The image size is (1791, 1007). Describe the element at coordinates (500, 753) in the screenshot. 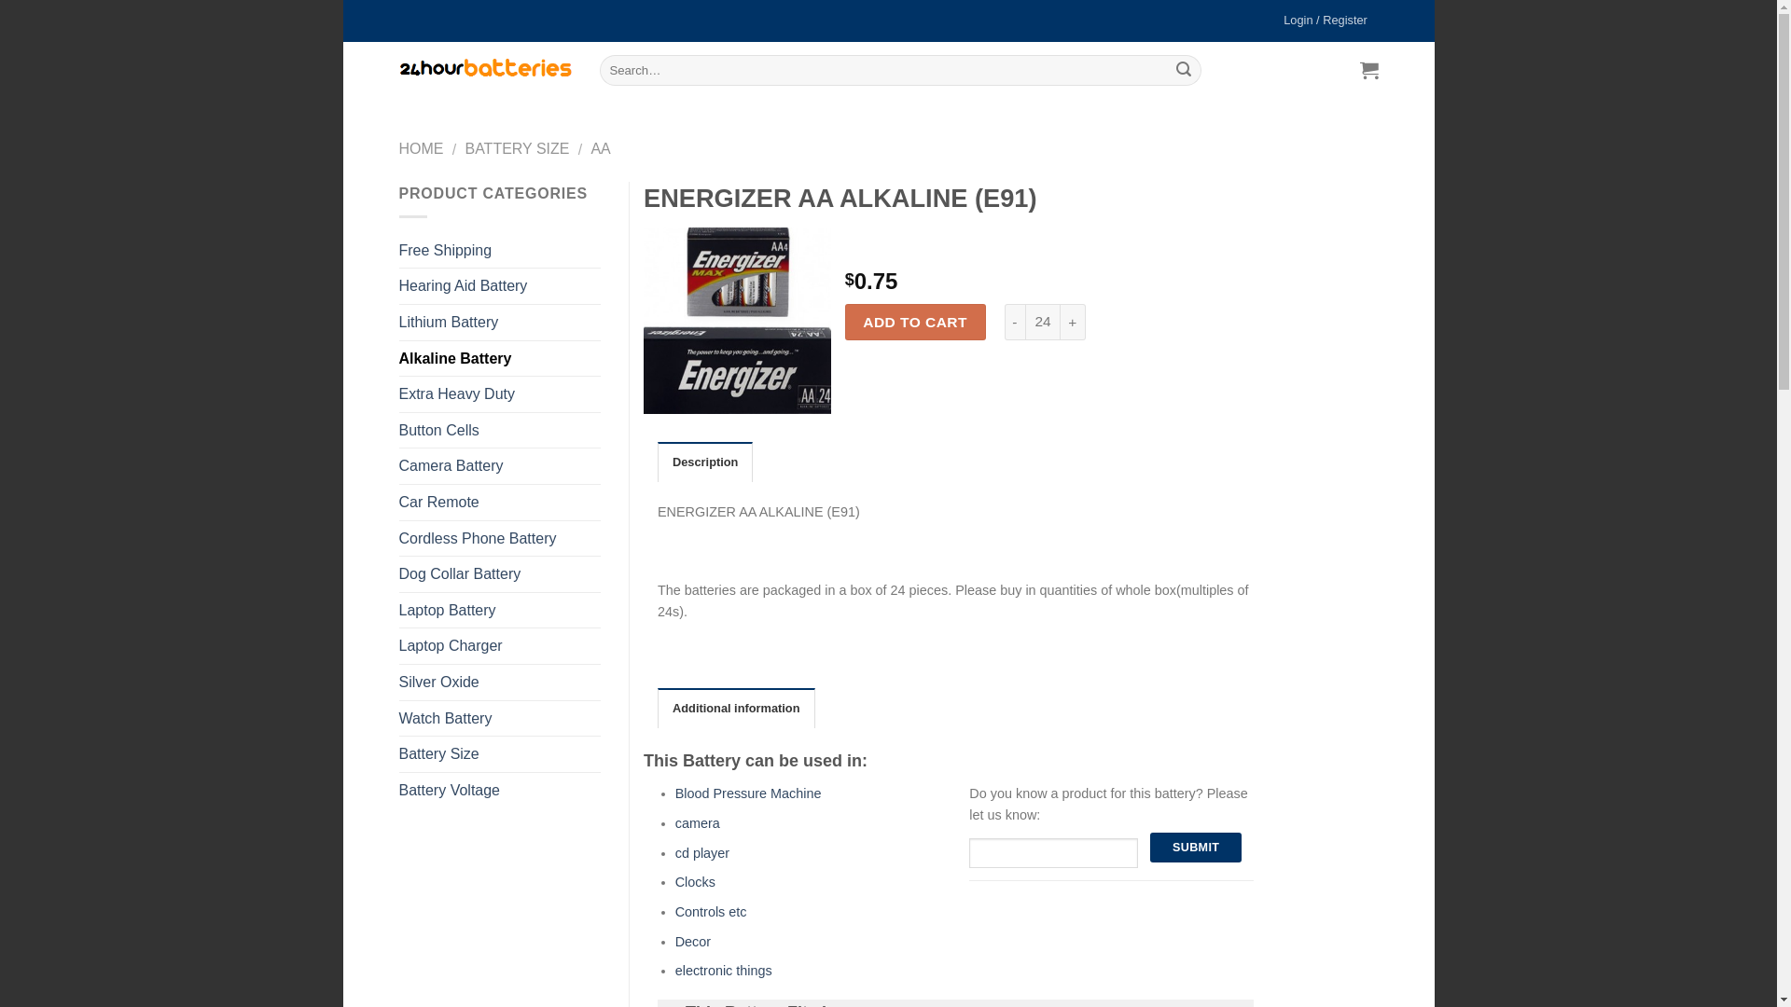

I see `'Battery Size'` at that location.